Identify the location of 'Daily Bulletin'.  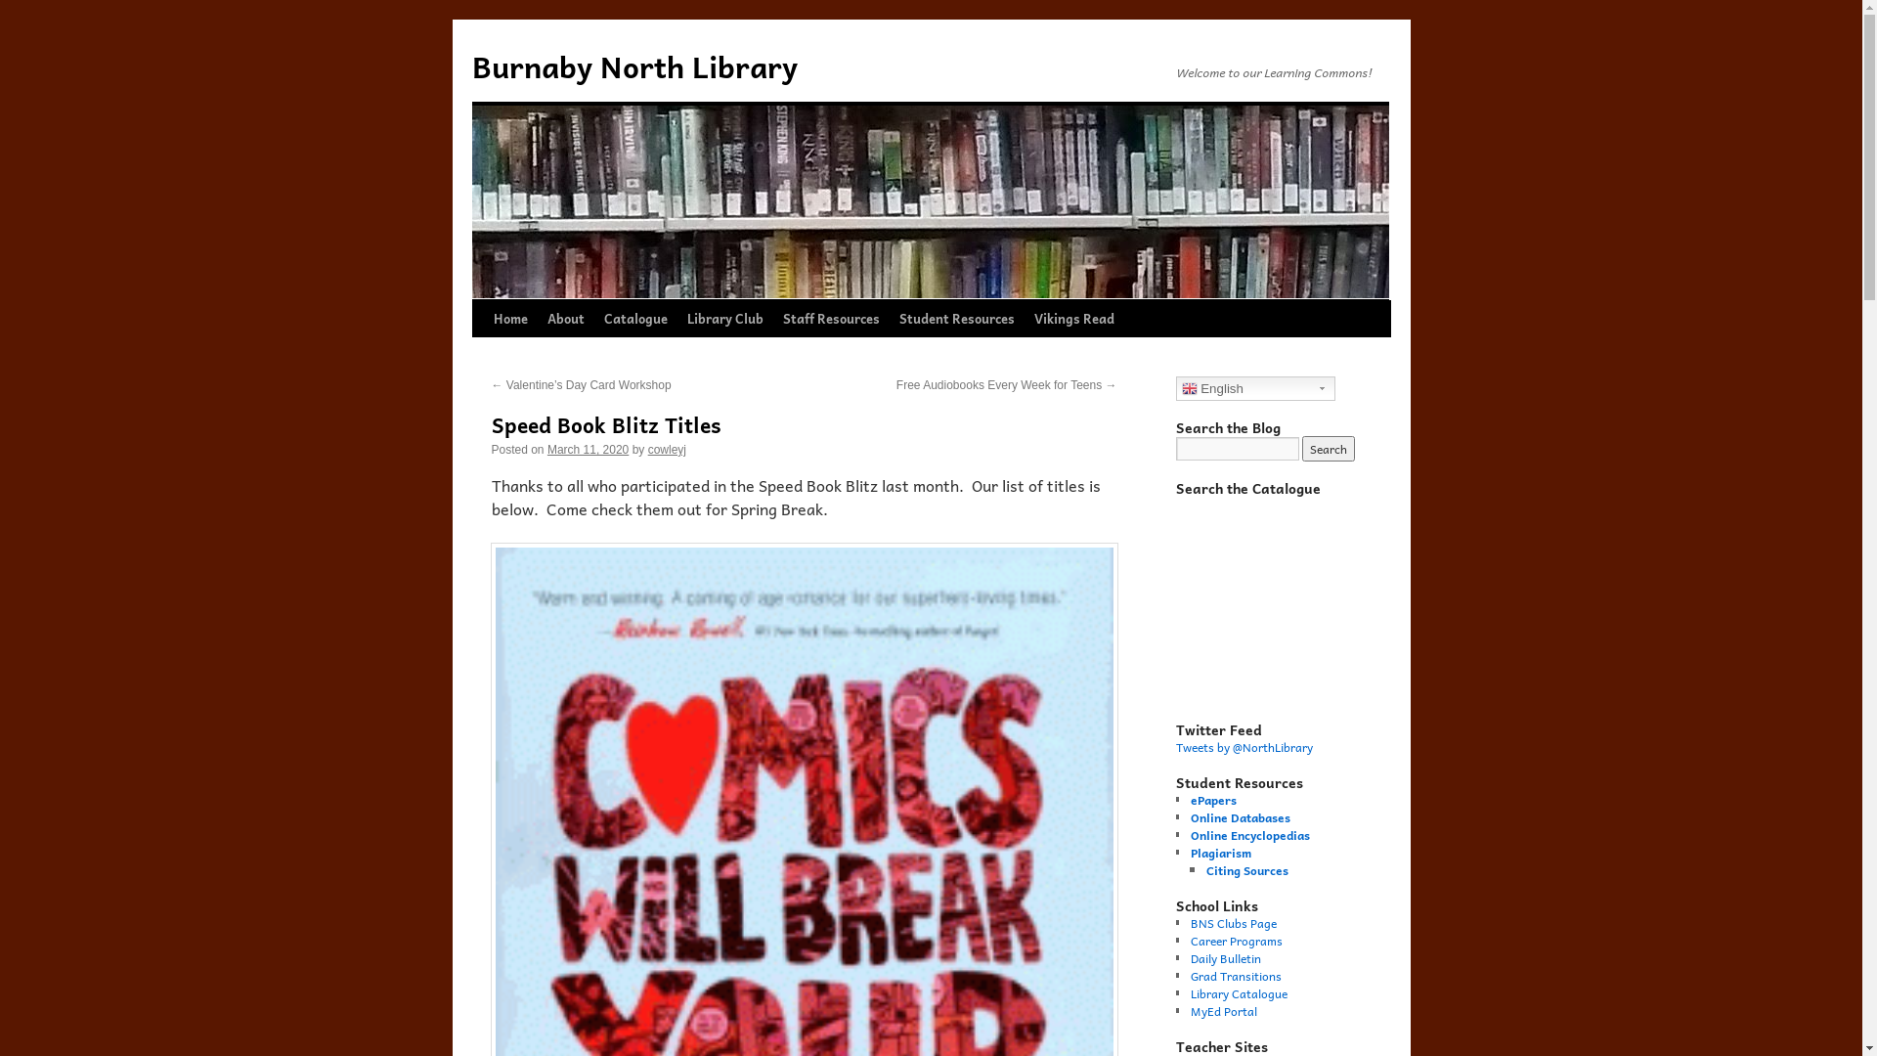
(1224, 956).